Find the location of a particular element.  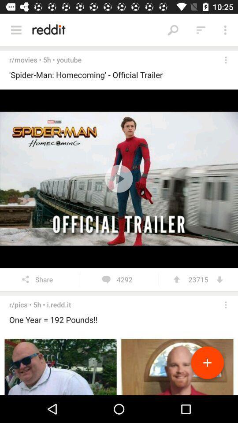

more options is located at coordinates (226, 59).